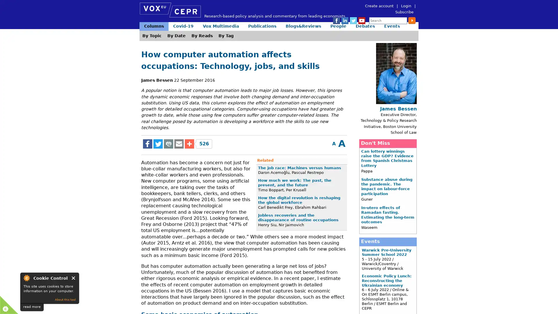  Describe the element at coordinates (32, 307) in the screenshot. I see `read more` at that location.